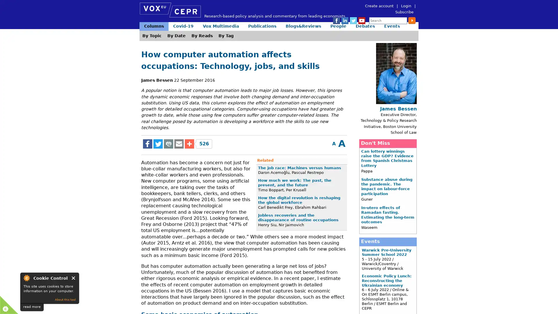  Describe the element at coordinates (32, 307) in the screenshot. I see `read more` at that location.